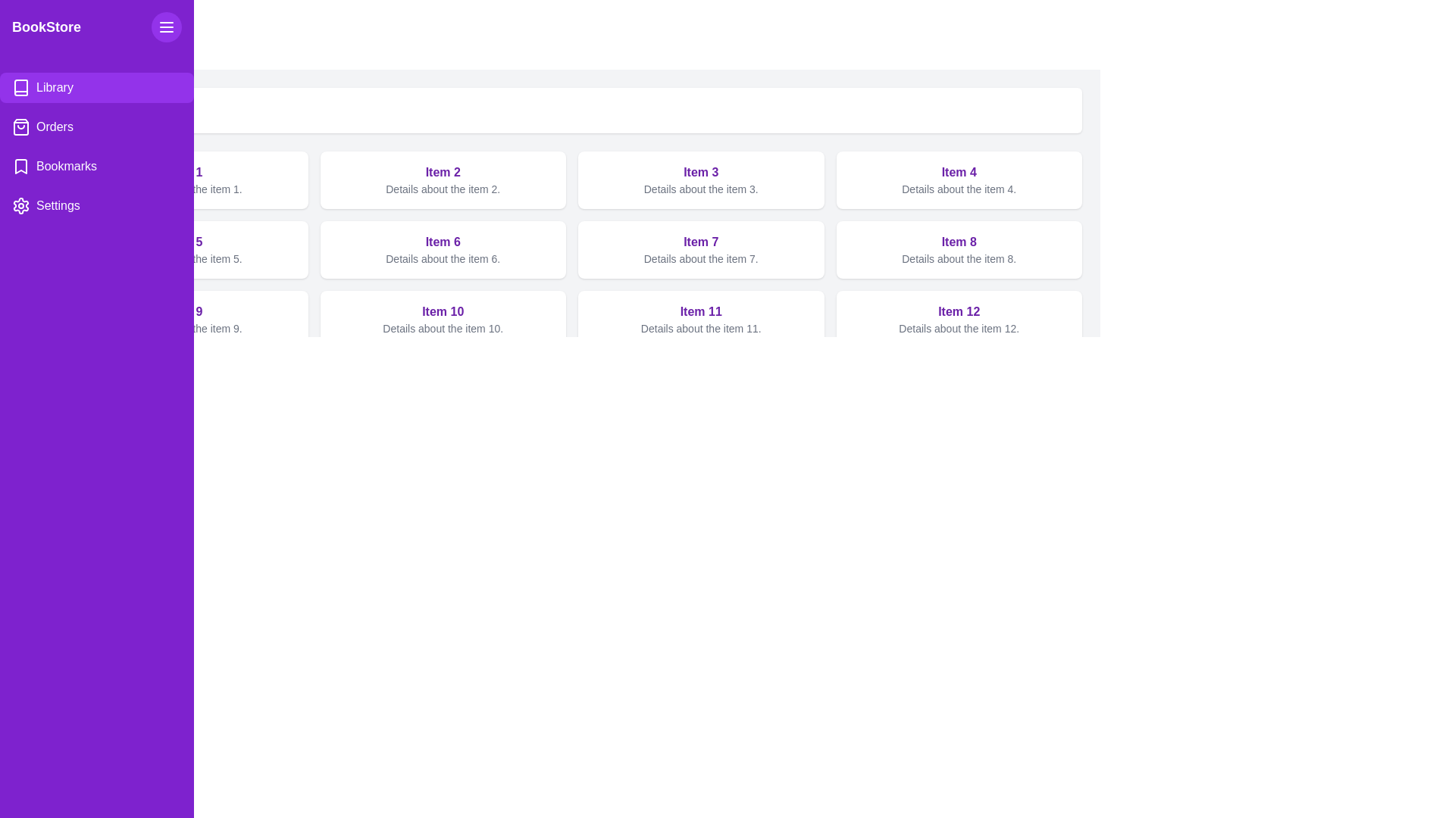  I want to click on the shopping bag icon element located in the sidebar, which serves as an identifier for the orders menu option, so click(21, 126).